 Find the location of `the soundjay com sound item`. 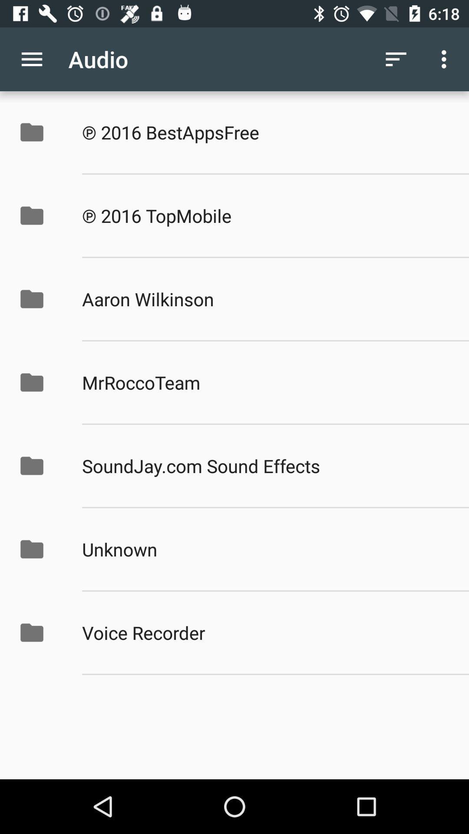

the soundjay com sound item is located at coordinates (266, 465).